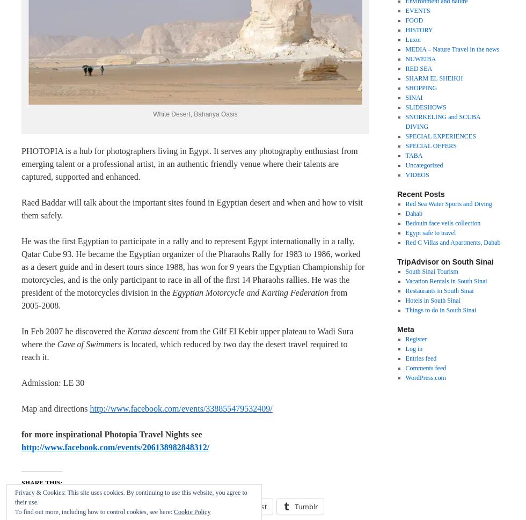  What do you see at coordinates (405, 69) in the screenshot?
I see `'RED SEA'` at bounding box center [405, 69].